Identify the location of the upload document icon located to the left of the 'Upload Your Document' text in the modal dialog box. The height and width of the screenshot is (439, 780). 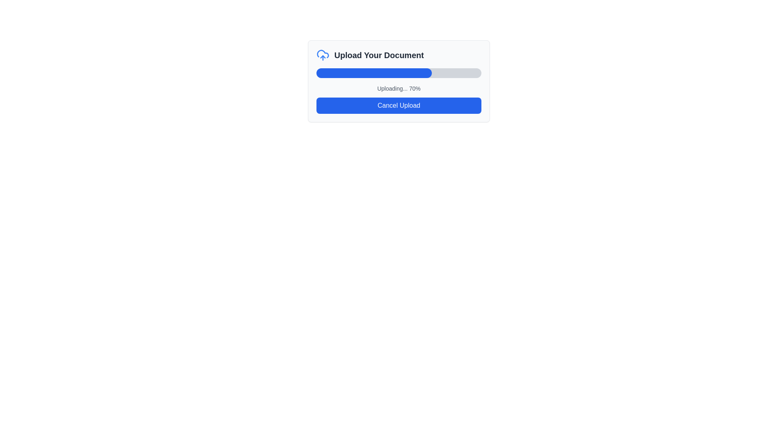
(323, 55).